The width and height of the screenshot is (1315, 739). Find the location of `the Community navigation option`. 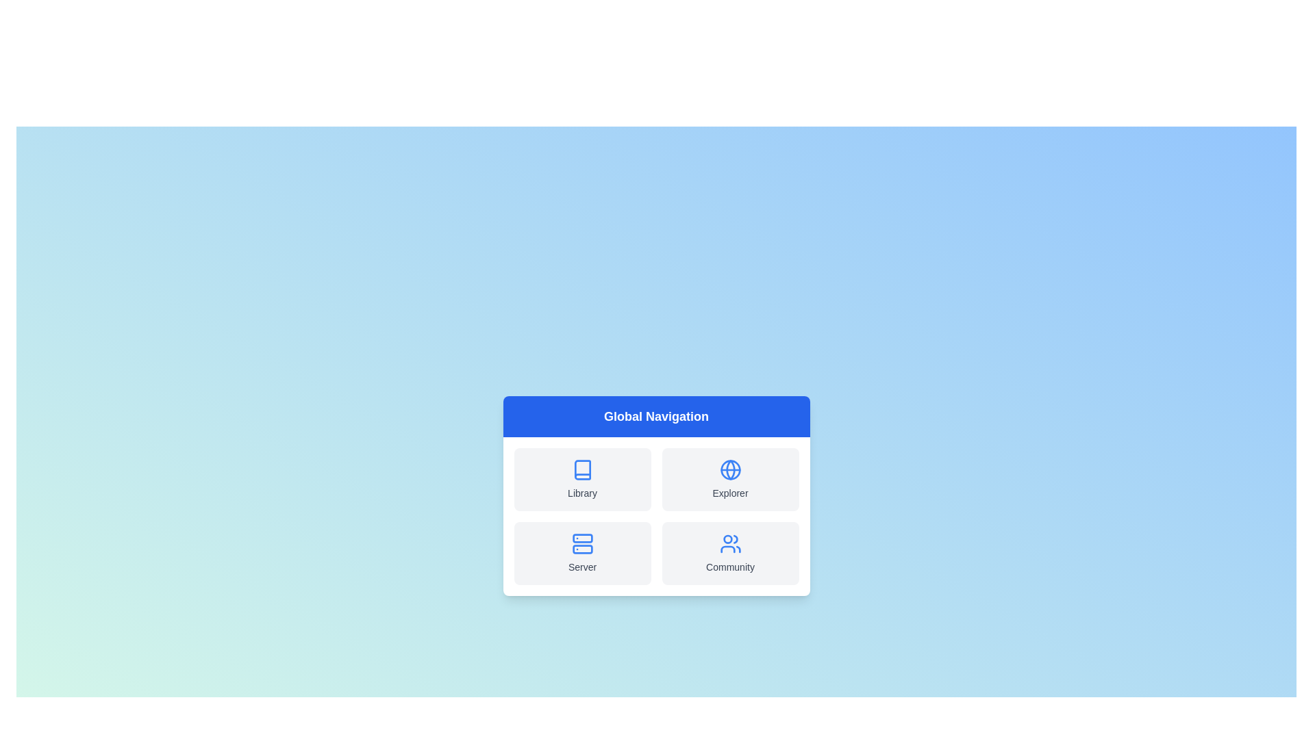

the Community navigation option is located at coordinates (729, 553).